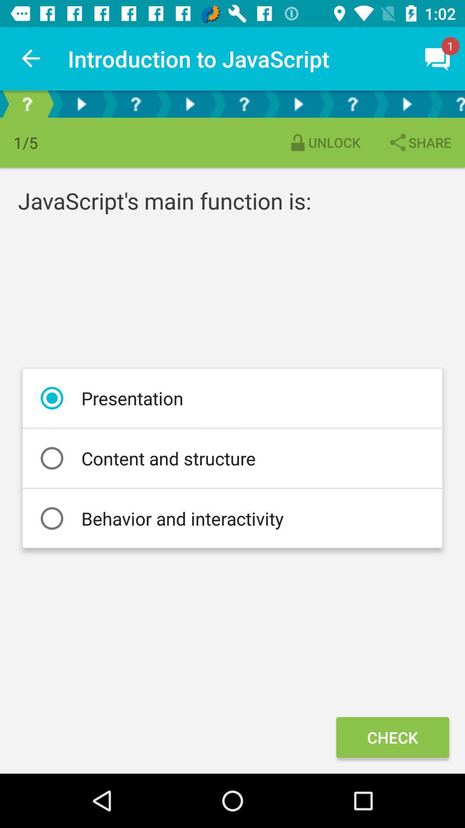 This screenshot has height=828, width=465. What do you see at coordinates (352, 103) in the screenshot?
I see `skip to the 7th step` at bounding box center [352, 103].